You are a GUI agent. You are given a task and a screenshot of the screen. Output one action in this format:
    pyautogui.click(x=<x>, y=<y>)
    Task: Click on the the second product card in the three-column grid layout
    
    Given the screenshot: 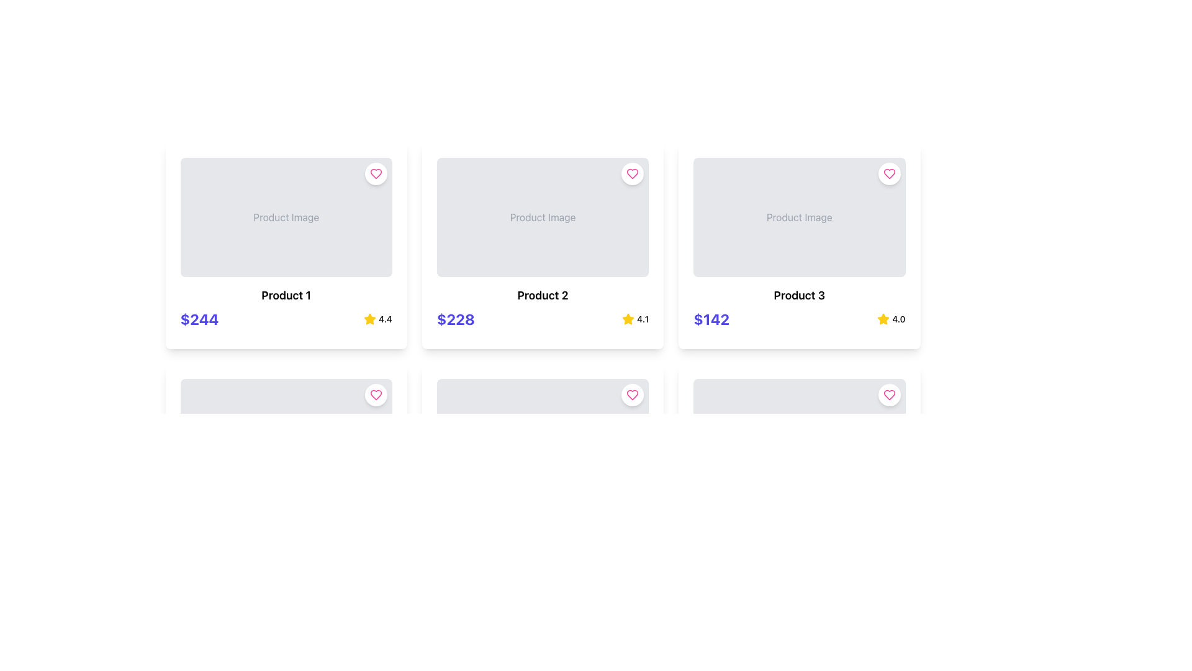 What is the action you would take?
    pyautogui.click(x=543, y=246)
    